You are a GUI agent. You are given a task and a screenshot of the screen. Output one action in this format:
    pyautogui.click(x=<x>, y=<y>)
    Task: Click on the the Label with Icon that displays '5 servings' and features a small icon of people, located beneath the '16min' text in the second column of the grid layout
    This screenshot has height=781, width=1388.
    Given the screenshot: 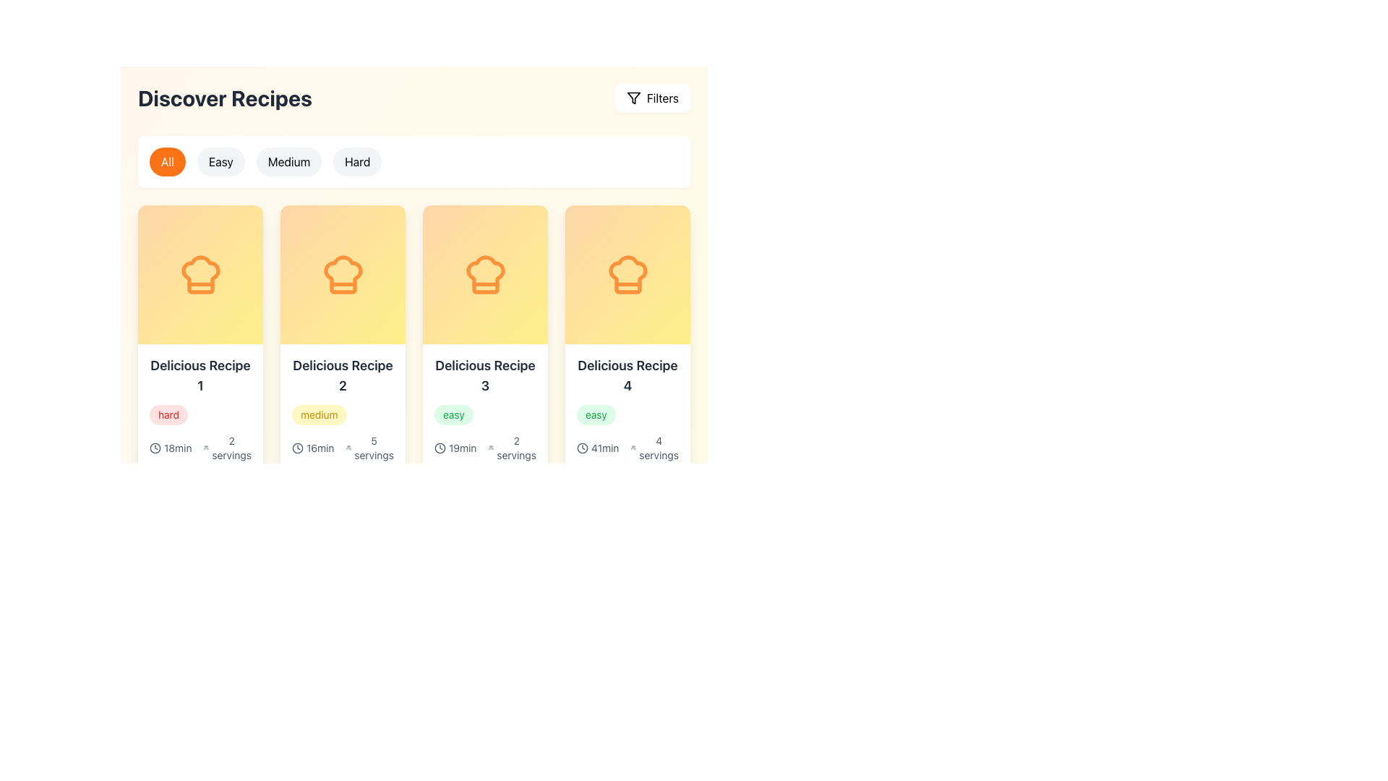 What is the action you would take?
    pyautogui.click(x=369, y=448)
    